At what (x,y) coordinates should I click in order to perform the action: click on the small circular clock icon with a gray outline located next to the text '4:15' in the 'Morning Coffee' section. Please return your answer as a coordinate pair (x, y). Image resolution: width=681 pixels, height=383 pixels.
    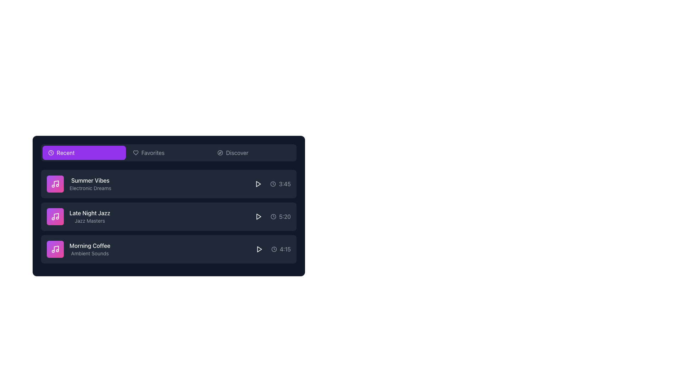
    Looking at the image, I should click on (273, 249).